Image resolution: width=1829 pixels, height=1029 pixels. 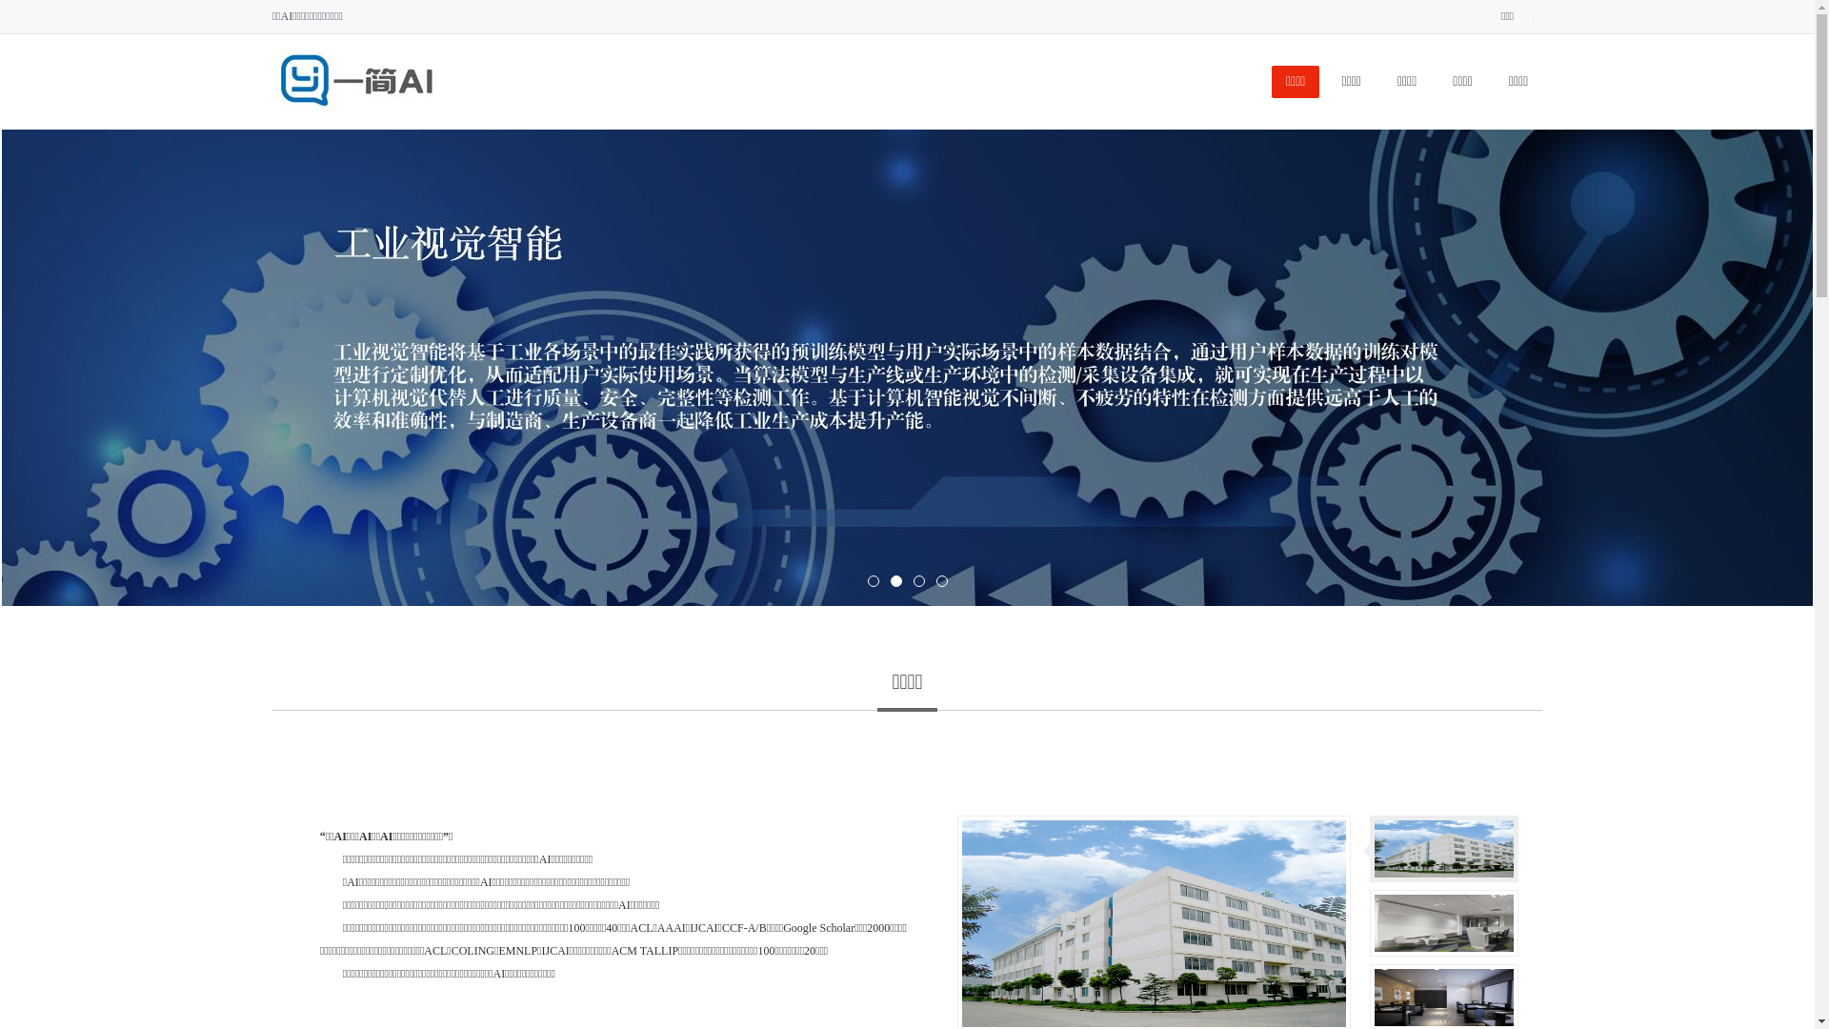 I want to click on '2', so click(x=894, y=579).